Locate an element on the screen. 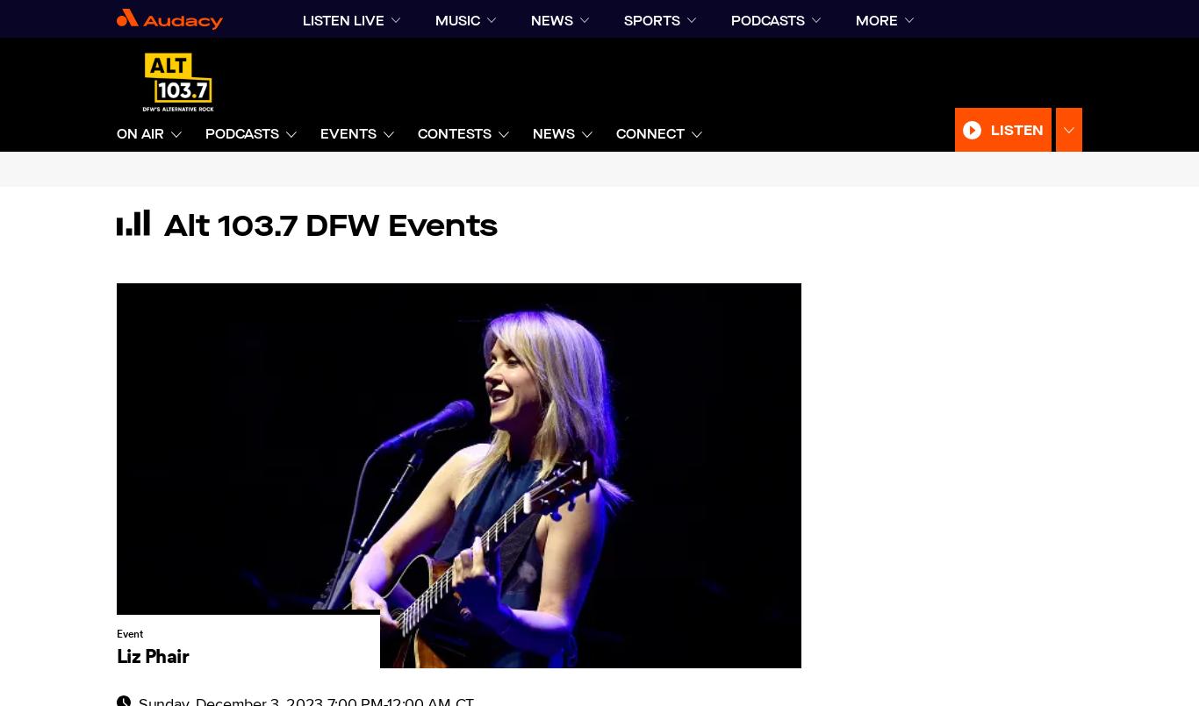  'sports' is located at coordinates (651, 20).